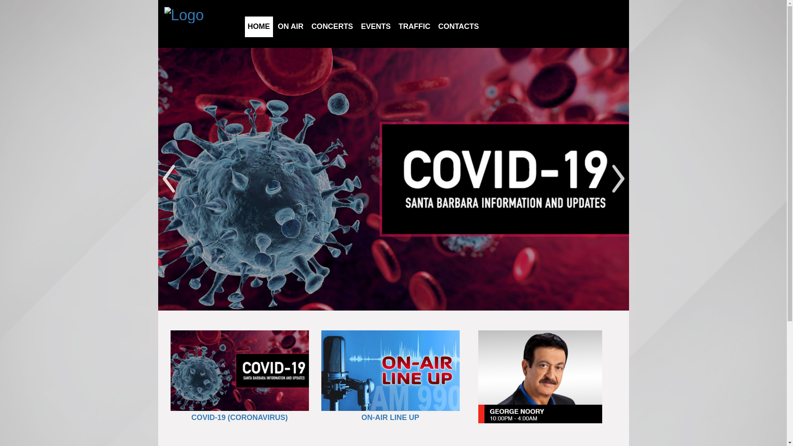  Describe the element at coordinates (168, 179) in the screenshot. I see `'Previous'` at that location.